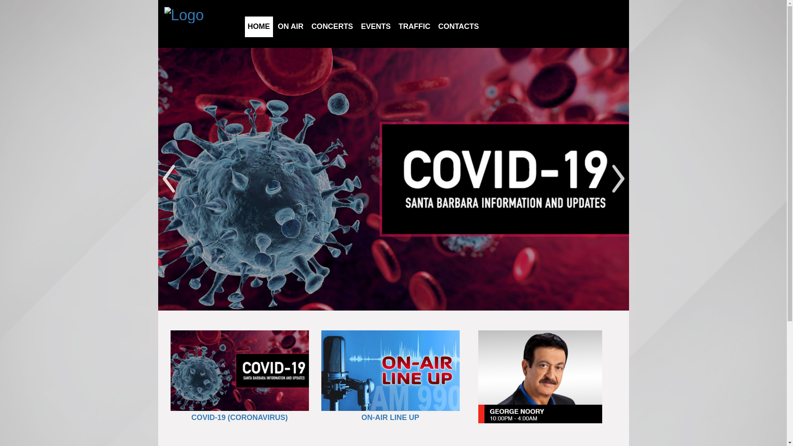  Describe the element at coordinates (168, 179) in the screenshot. I see `'Previous'` at that location.